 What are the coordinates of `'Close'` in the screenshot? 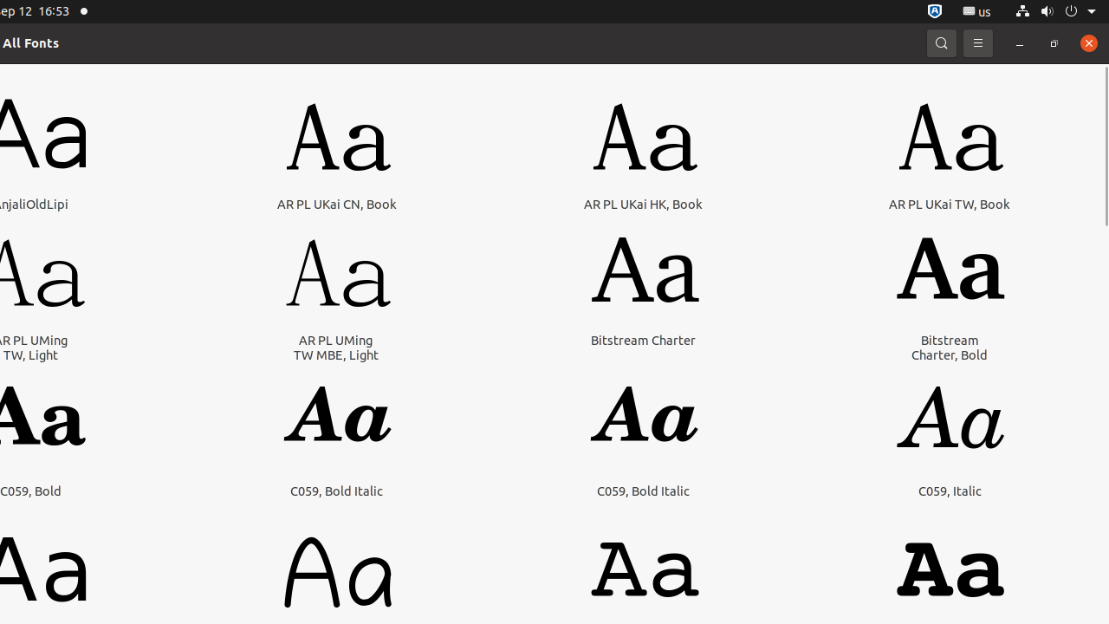 It's located at (1087, 42).